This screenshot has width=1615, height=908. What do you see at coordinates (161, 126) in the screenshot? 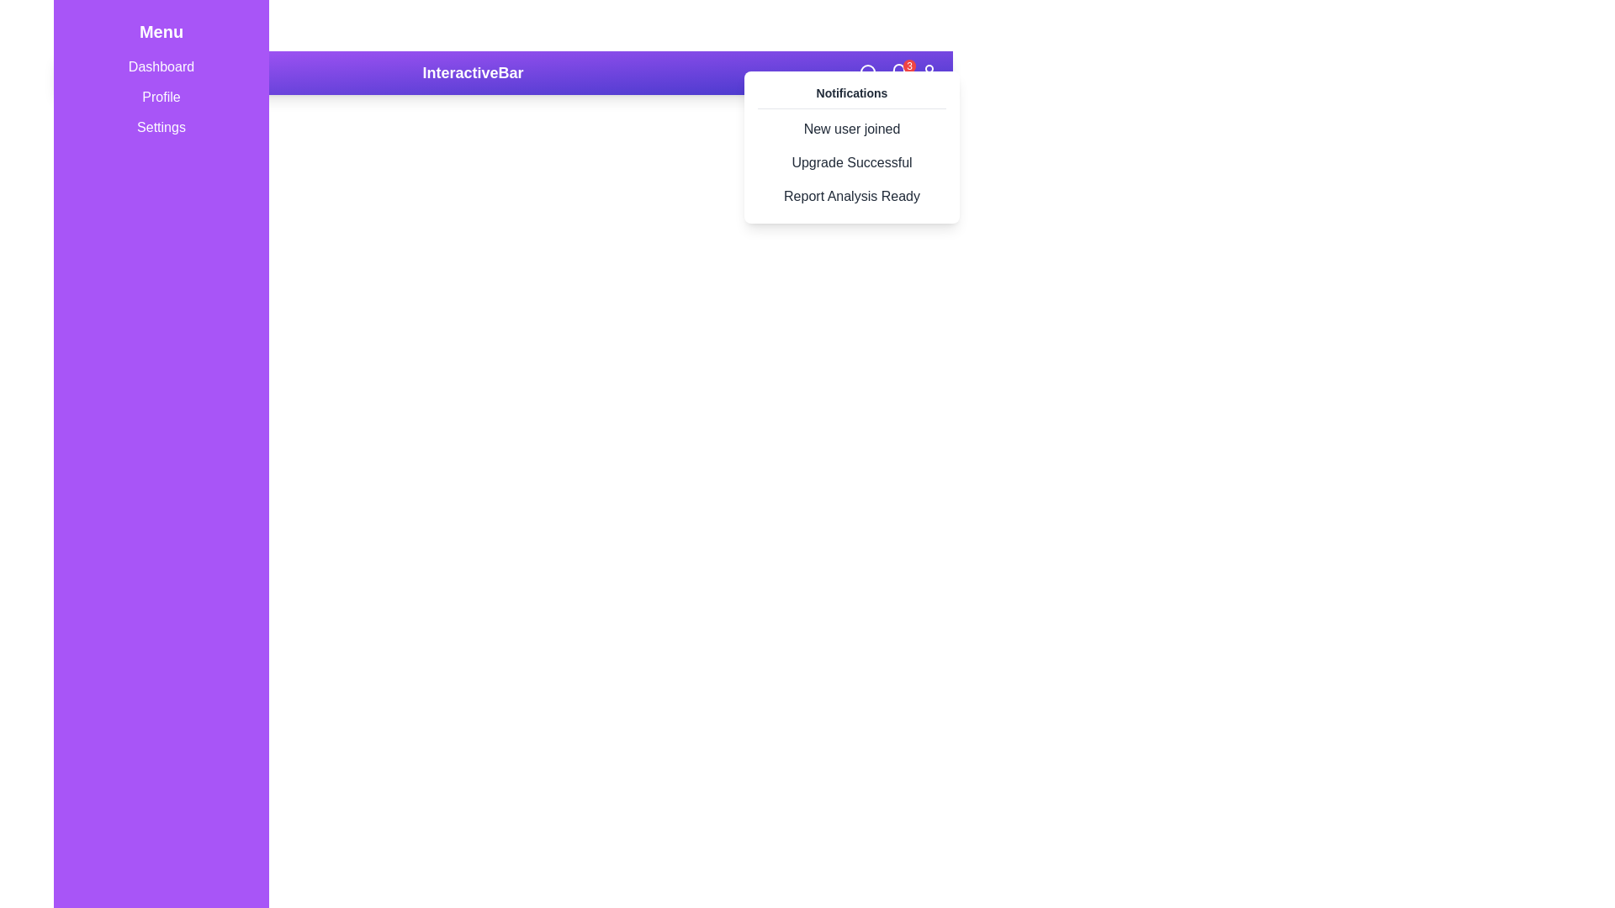
I see `the 'Settings' text-based navigation menu item, which is styled in white font on a purple background, located as the third item in the vertical sidebar menu on the left` at bounding box center [161, 126].